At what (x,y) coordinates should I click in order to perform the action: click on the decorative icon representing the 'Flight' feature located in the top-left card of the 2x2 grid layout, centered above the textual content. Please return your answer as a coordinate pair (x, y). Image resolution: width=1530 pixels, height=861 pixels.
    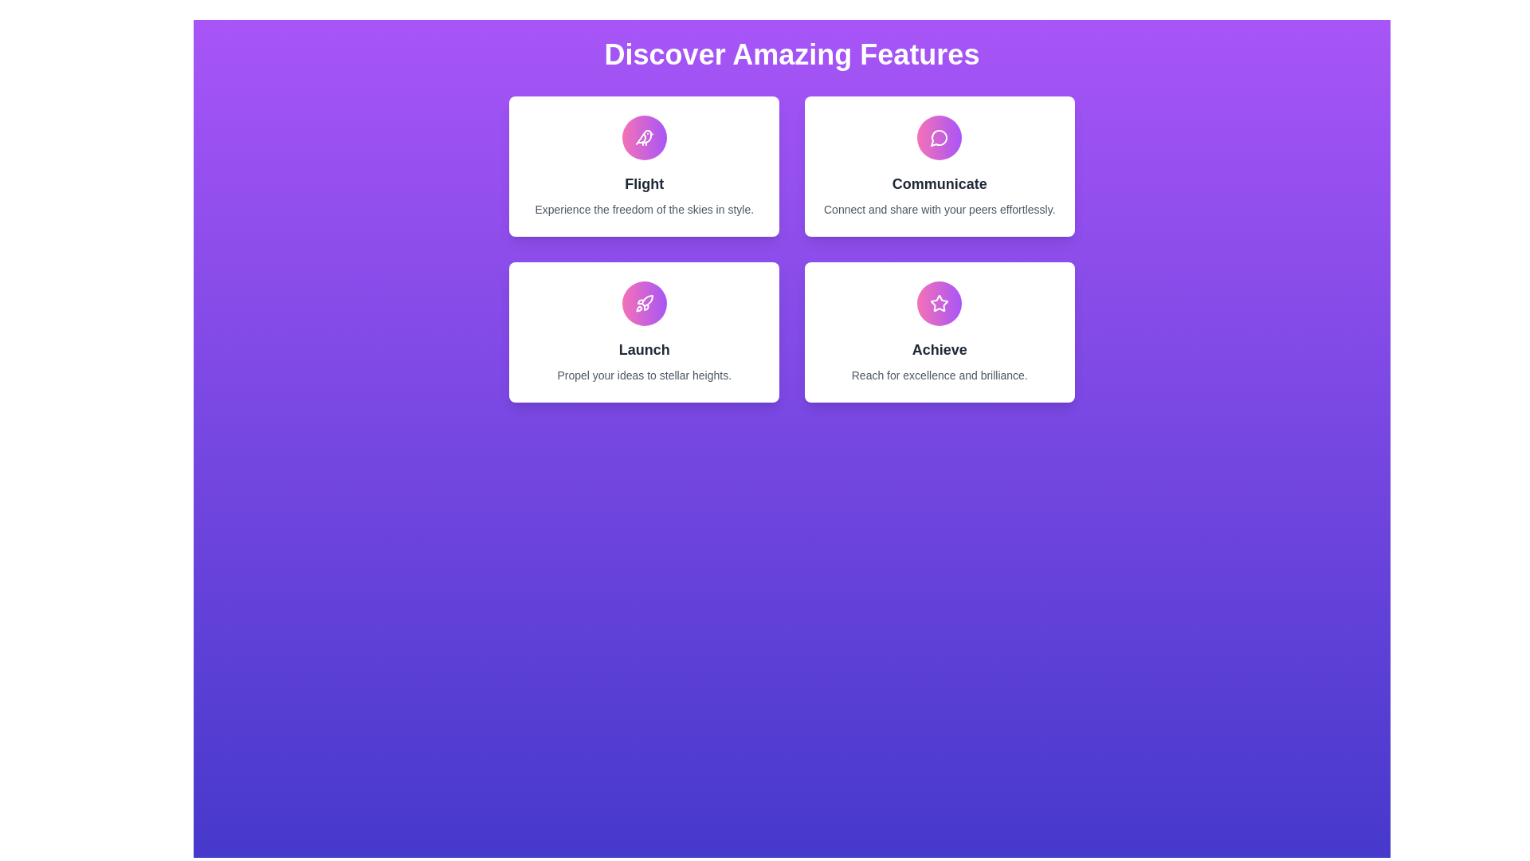
    Looking at the image, I should click on (643, 136).